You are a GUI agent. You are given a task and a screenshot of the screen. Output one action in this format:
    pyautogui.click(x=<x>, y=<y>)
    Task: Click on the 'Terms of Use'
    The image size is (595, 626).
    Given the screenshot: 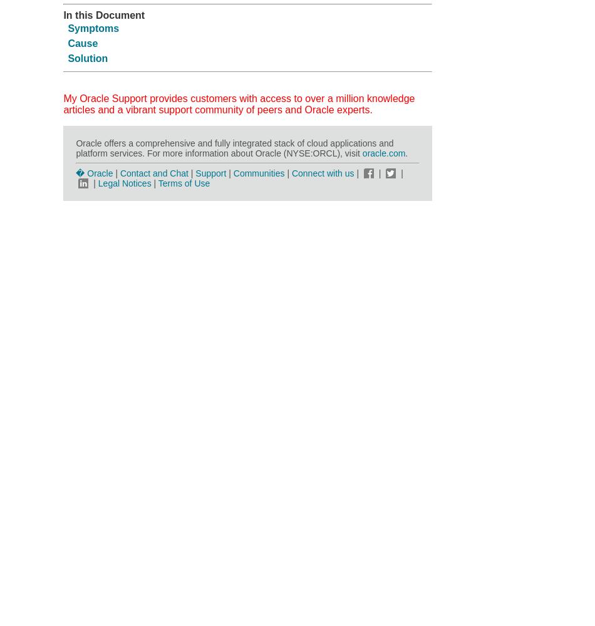 What is the action you would take?
    pyautogui.click(x=157, y=183)
    